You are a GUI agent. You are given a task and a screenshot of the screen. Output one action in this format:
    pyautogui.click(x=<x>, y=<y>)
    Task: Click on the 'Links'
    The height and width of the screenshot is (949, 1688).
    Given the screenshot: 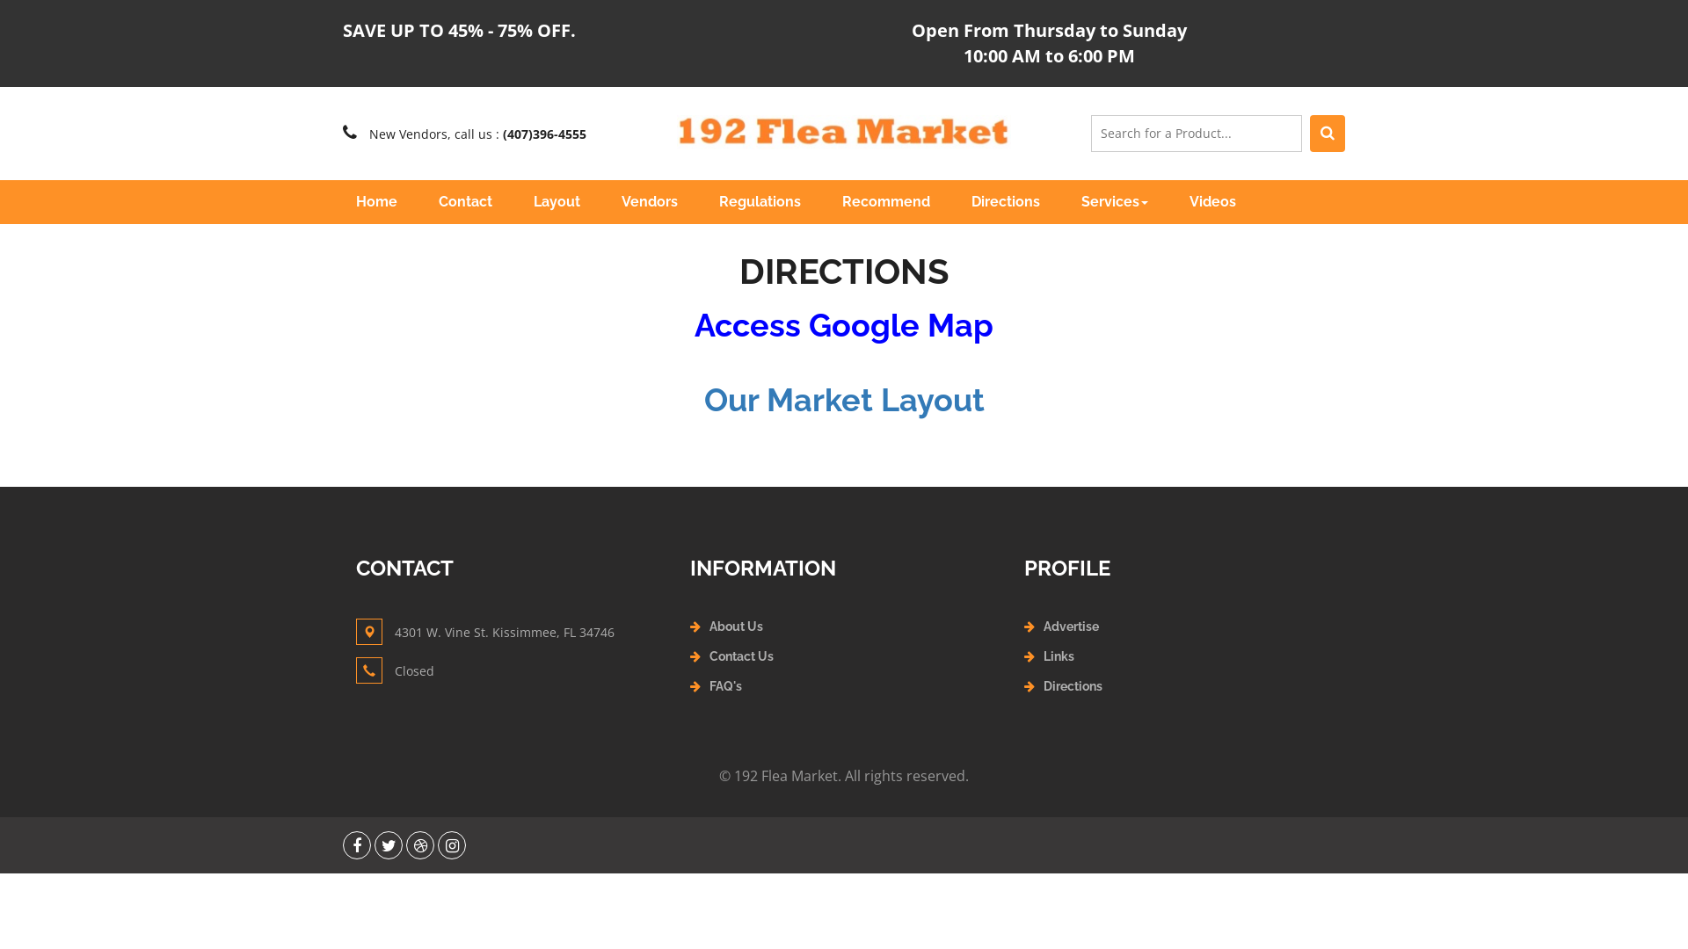 What is the action you would take?
    pyautogui.click(x=1058, y=656)
    